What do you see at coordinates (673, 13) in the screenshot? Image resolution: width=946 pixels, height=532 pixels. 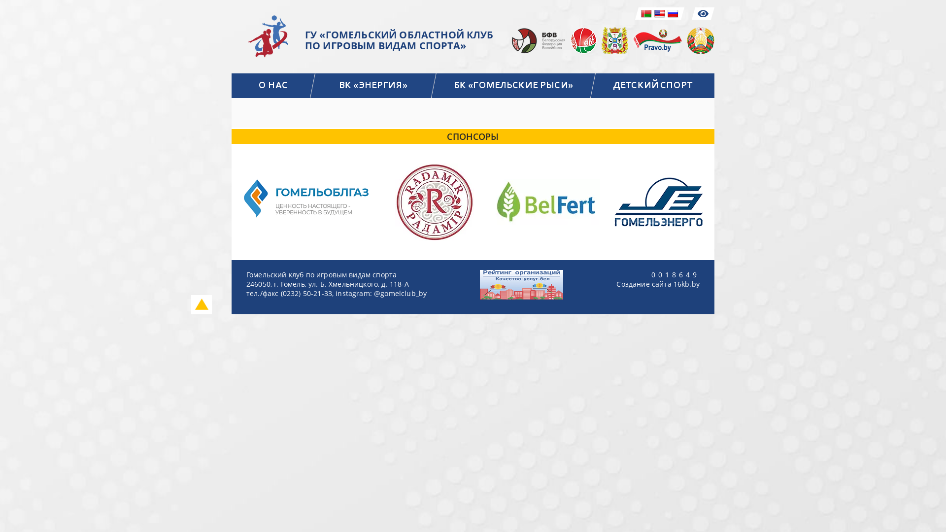 I see `'Russian'` at bounding box center [673, 13].